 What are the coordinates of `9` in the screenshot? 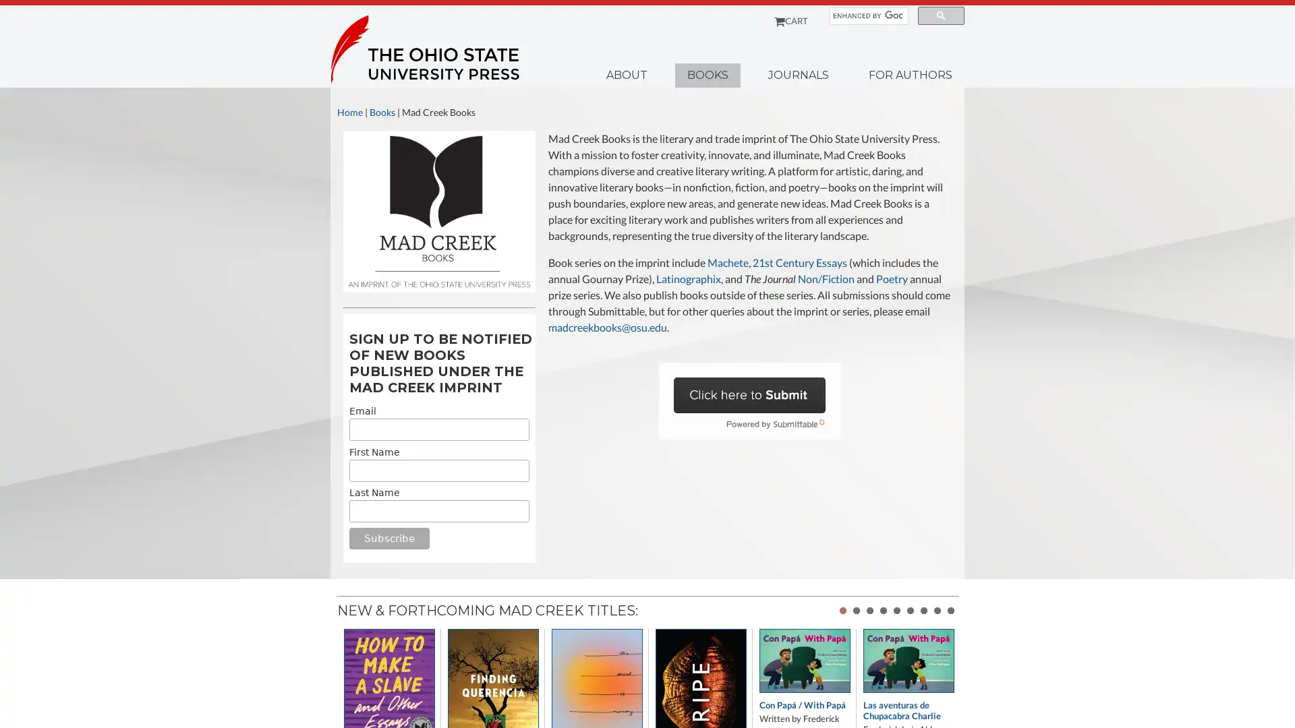 It's located at (950, 611).